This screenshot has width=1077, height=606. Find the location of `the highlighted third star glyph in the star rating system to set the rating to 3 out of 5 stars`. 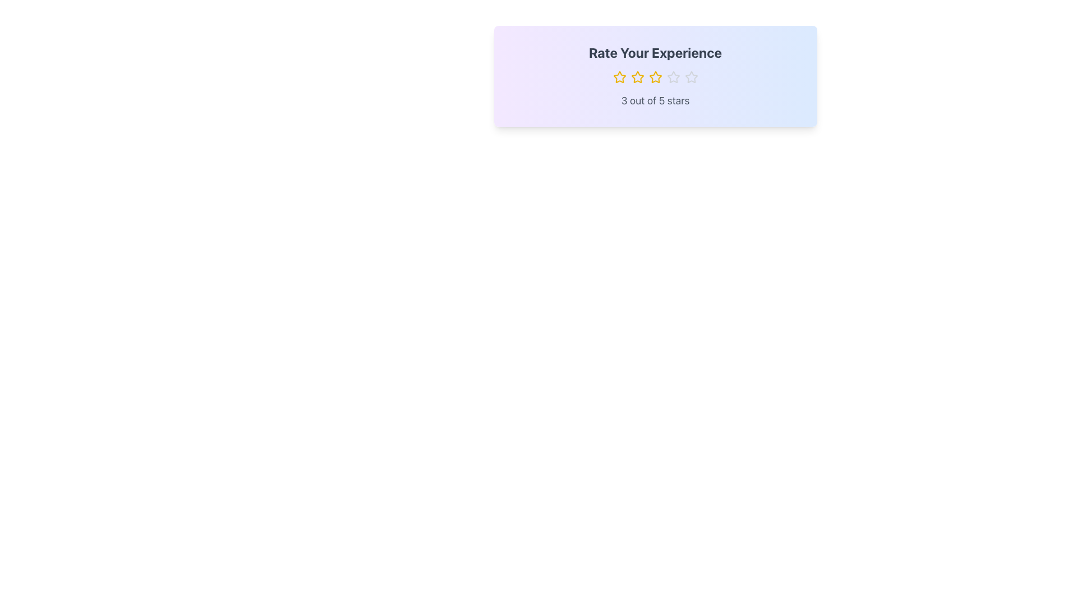

the highlighted third star glyph in the star rating system to set the rating to 3 out of 5 stars is located at coordinates (655, 77).